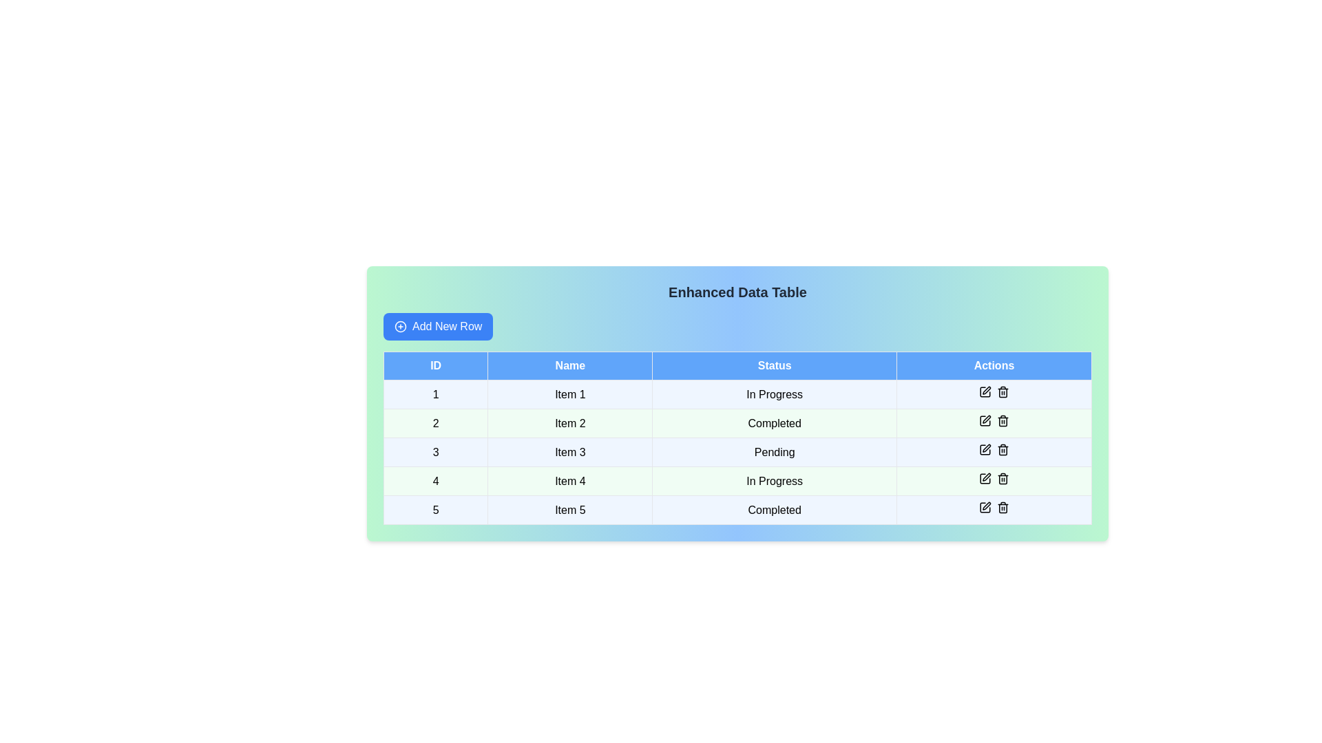  Describe the element at coordinates (994, 422) in the screenshot. I see `the action icons (pencil and trash bin) in the 'Actions' column of the row for 'Item 2'` at that location.